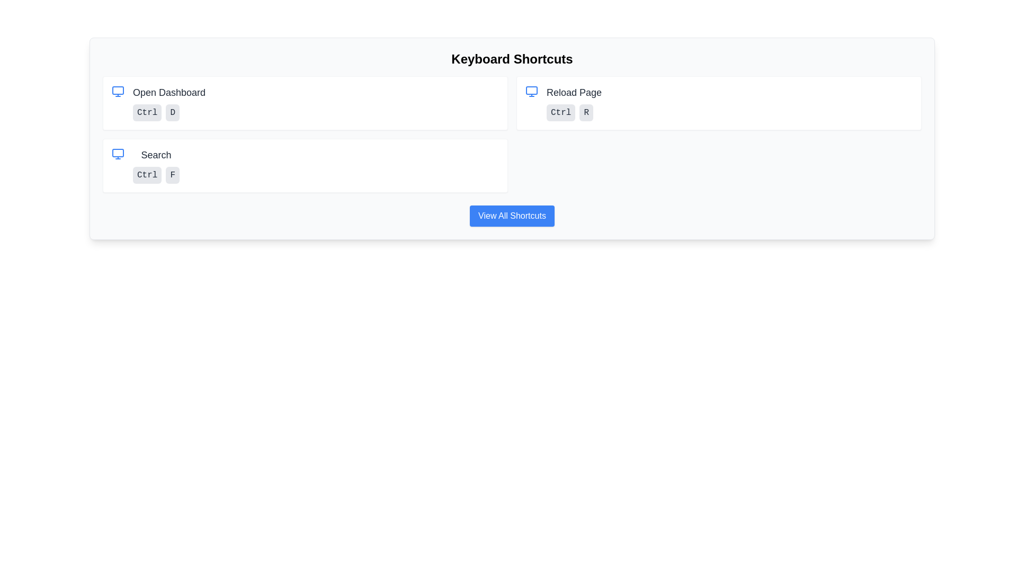  Describe the element at coordinates (512, 216) in the screenshot. I see `the button located at the bottom of the 'Keyboard Shortcuts' section` at that location.